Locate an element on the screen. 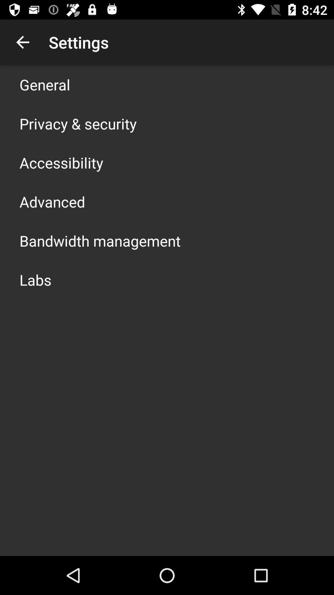 The width and height of the screenshot is (334, 595). the app above the bandwidth management icon is located at coordinates (52, 202).